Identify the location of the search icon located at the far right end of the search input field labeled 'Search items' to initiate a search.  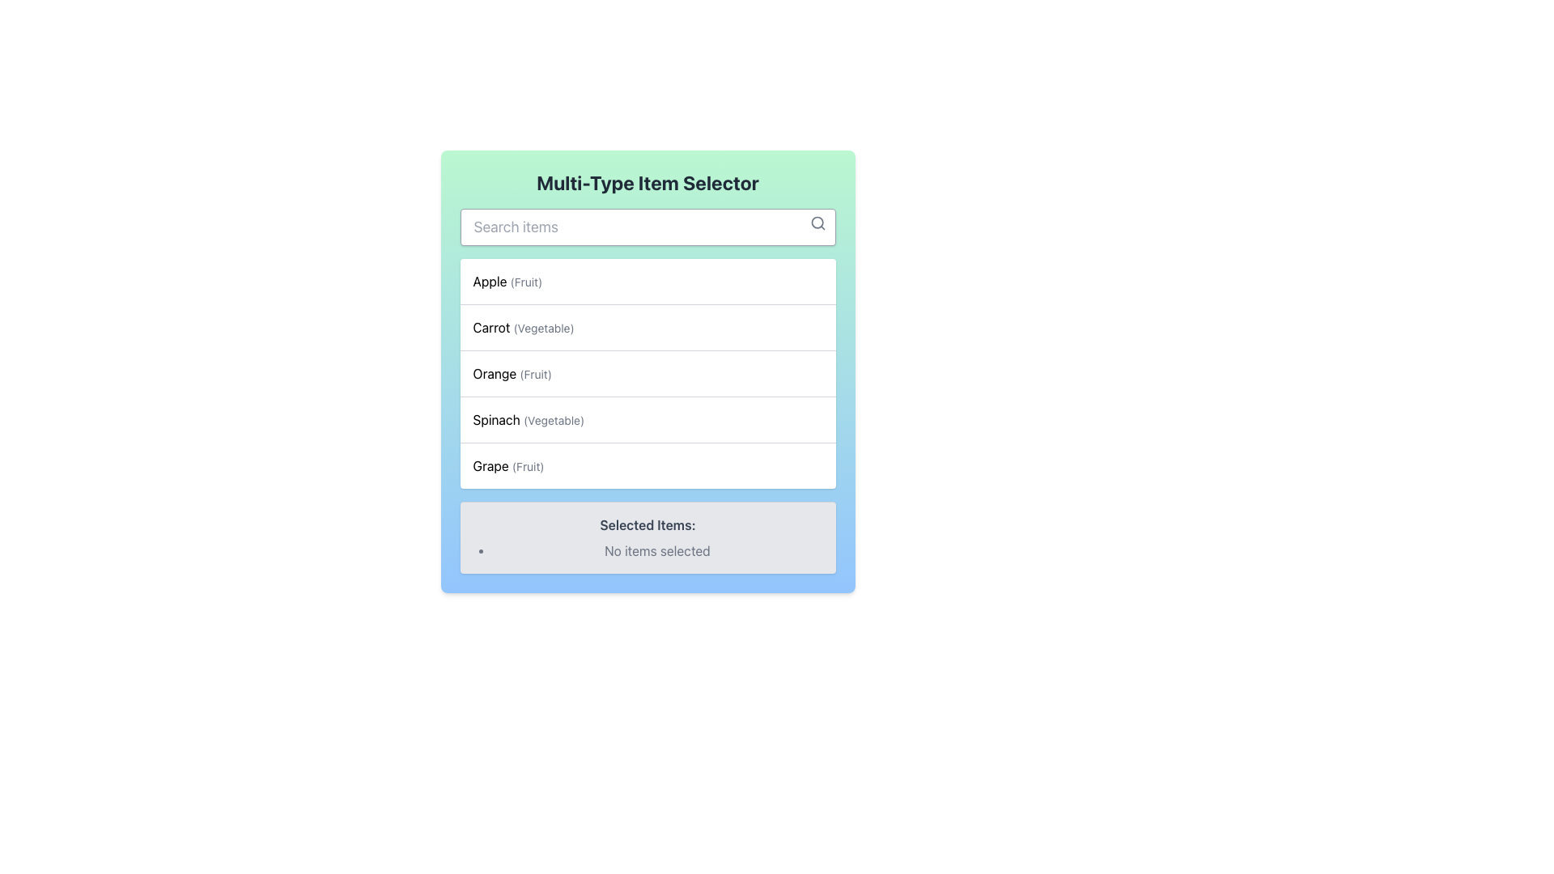
(817, 223).